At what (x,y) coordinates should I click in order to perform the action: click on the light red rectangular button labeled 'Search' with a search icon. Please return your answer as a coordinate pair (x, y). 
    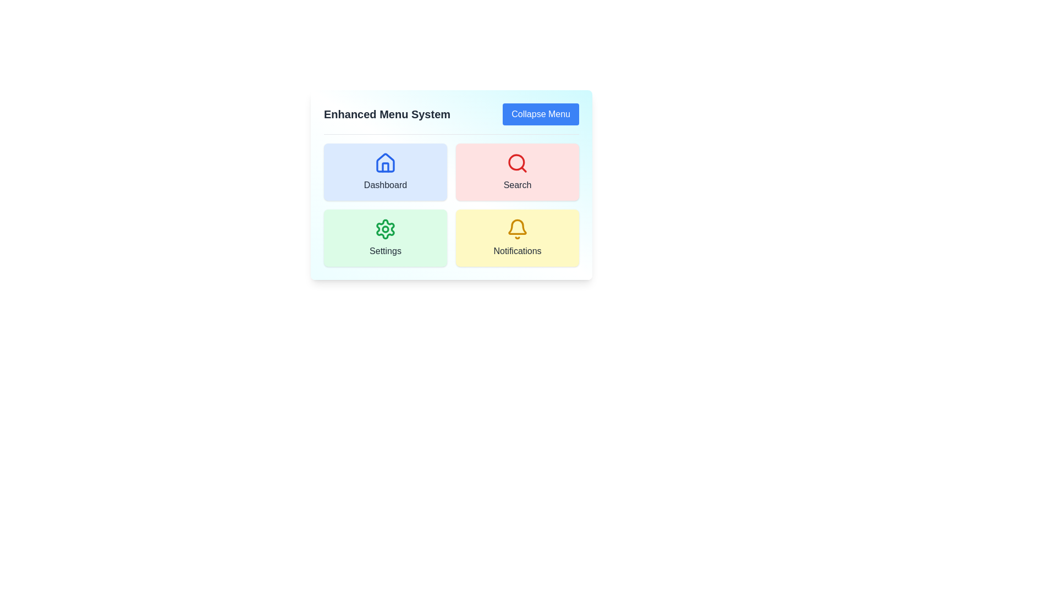
    Looking at the image, I should click on (516, 172).